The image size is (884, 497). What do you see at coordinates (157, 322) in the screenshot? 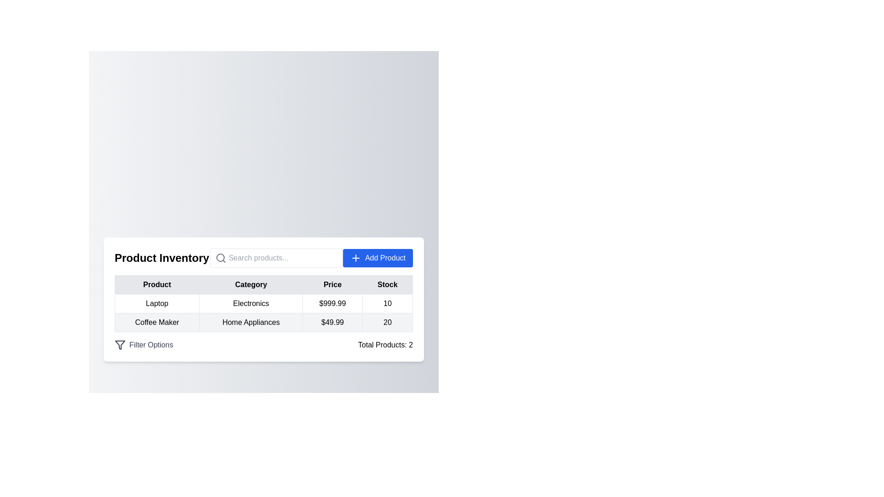
I see `the static text label displaying 'Coffee Maker', which is the first column of the second row in the structured table under the 'Product' column header` at bounding box center [157, 322].